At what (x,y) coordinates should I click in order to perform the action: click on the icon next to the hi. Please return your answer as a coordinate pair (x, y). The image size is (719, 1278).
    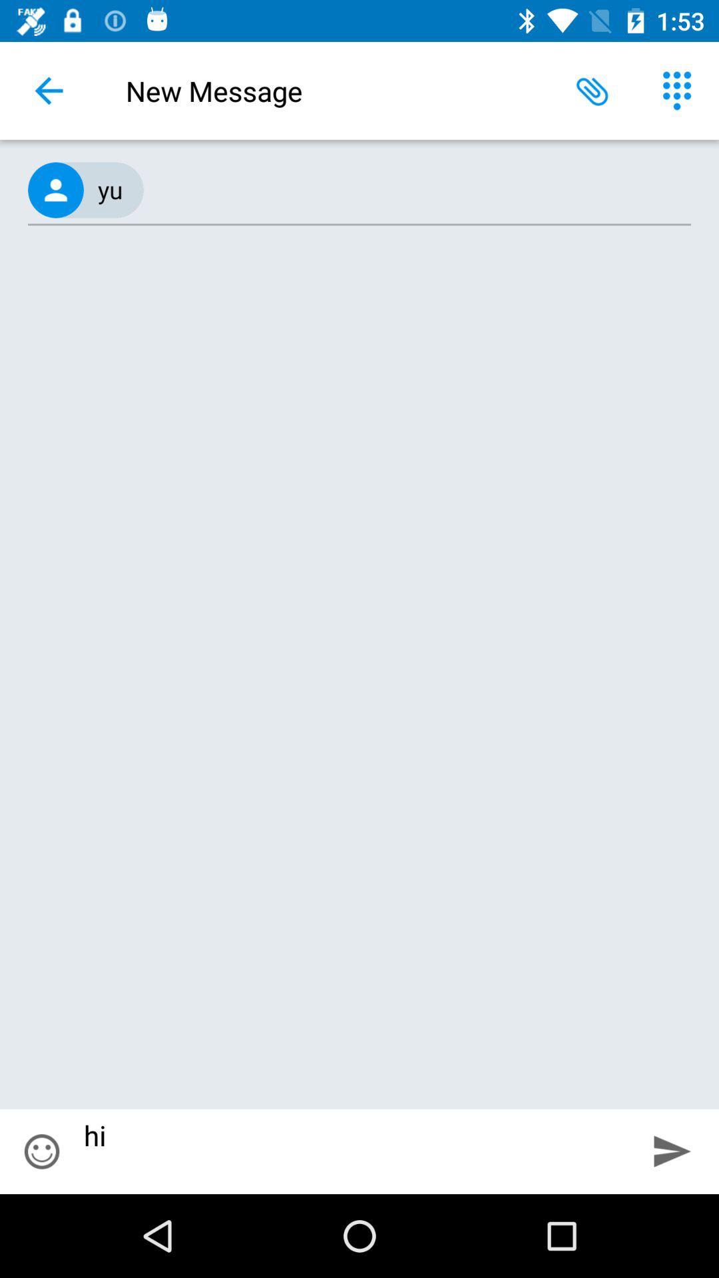
    Looking at the image, I should click on (672, 1150).